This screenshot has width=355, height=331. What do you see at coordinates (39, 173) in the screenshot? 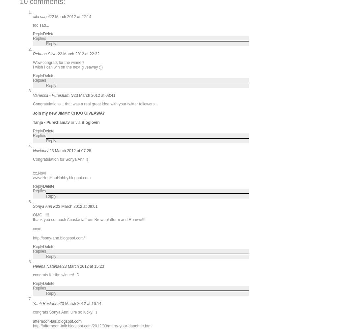
I see `'xx,Novi'` at bounding box center [39, 173].